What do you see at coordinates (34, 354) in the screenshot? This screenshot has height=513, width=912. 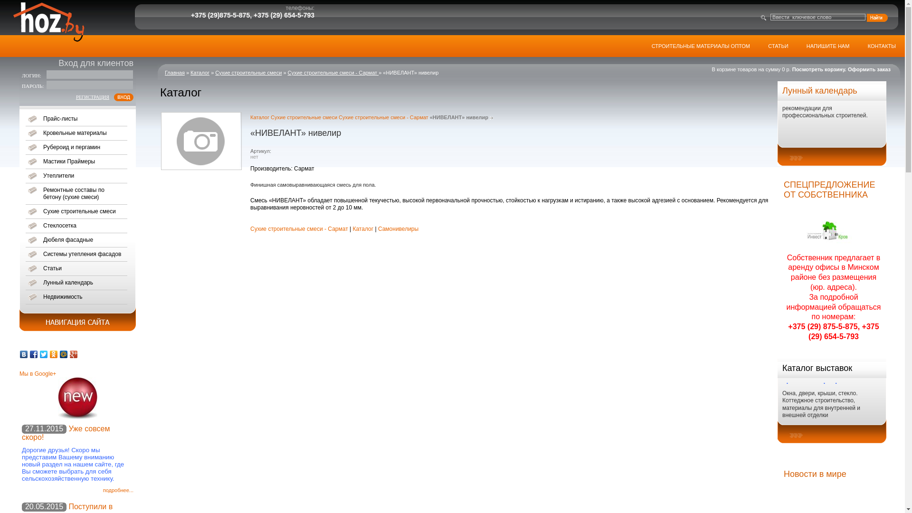 I see `'Facebook'` at bounding box center [34, 354].